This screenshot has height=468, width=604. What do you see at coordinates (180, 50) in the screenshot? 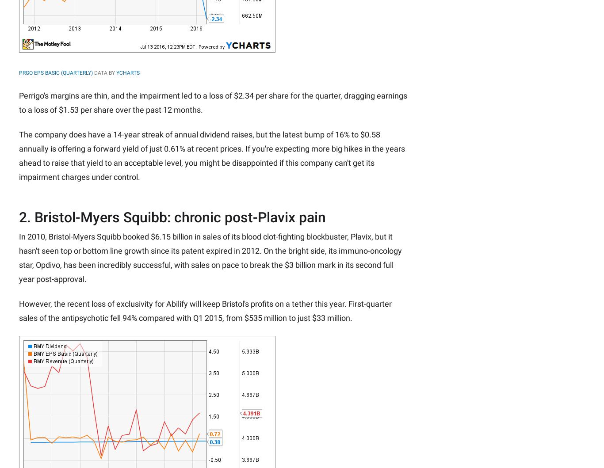
I see `'Research'` at bounding box center [180, 50].